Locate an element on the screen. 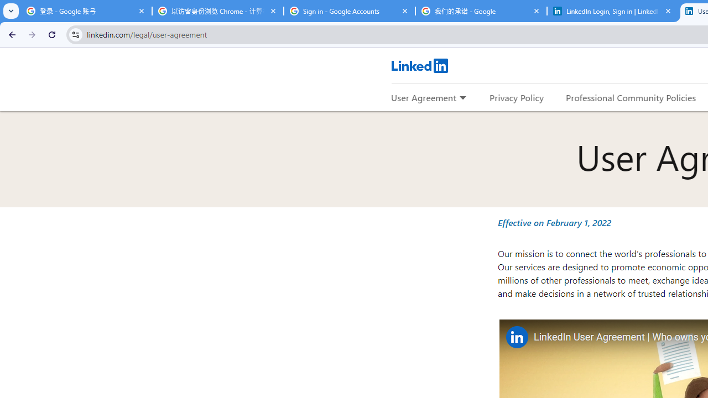 This screenshot has width=708, height=398. 'Professional Community Policies' is located at coordinates (631, 97).